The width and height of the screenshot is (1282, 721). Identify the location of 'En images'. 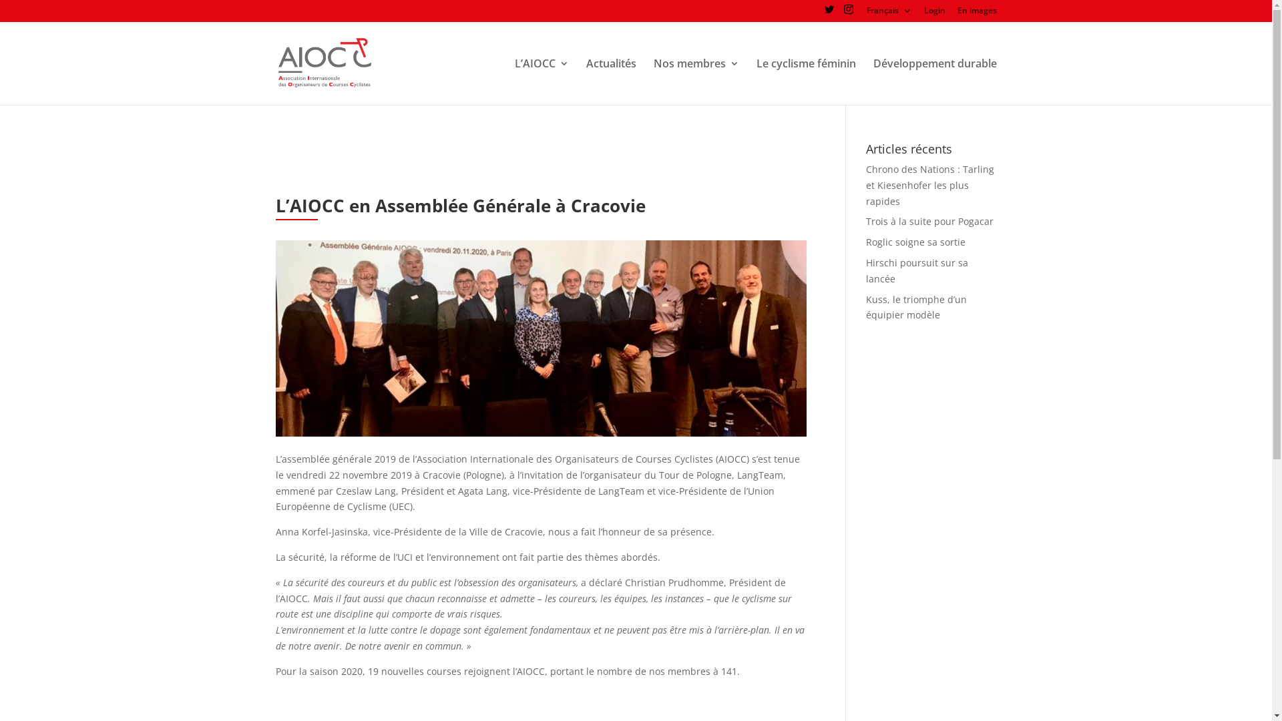
(977, 13).